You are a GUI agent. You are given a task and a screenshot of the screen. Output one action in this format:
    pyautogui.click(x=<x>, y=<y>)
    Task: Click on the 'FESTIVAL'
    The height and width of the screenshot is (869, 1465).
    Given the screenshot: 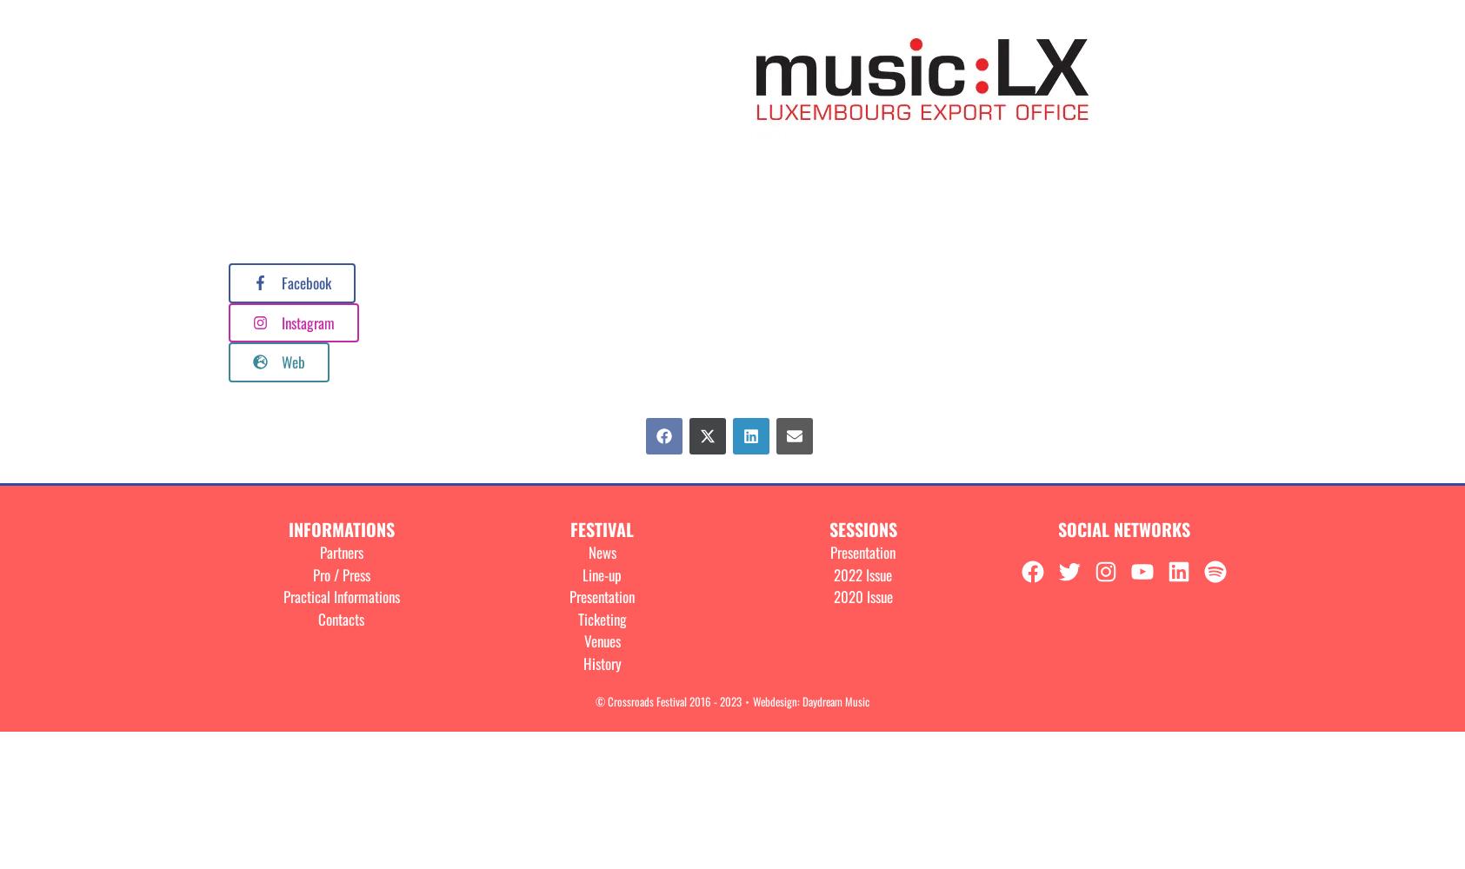 What is the action you would take?
    pyautogui.click(x=601, y=528)
    